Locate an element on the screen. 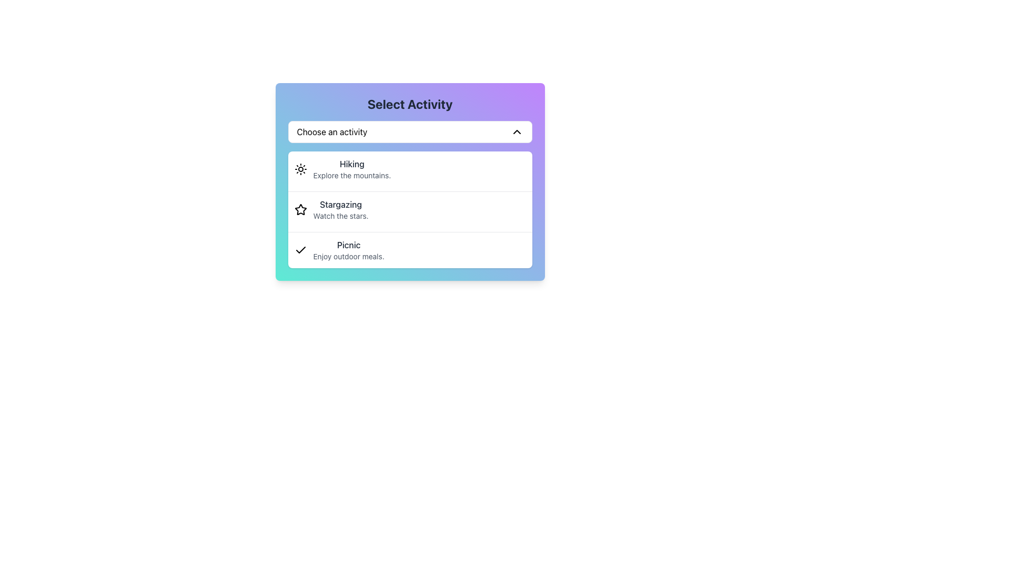 The height and width of the screenshot is (568, 1010). the text label reading 'Watch the stars.' which is styled with smaller gray text and located directly under the title 'Stargazing' in the dropdown interface is located at coordinates (341, 216).